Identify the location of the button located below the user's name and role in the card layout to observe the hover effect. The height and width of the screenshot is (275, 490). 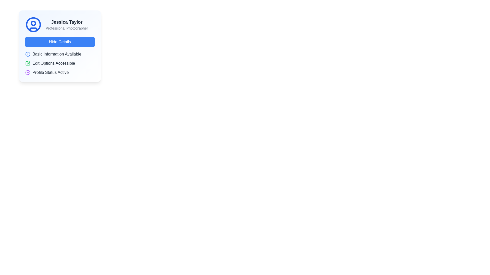
(60, 42).